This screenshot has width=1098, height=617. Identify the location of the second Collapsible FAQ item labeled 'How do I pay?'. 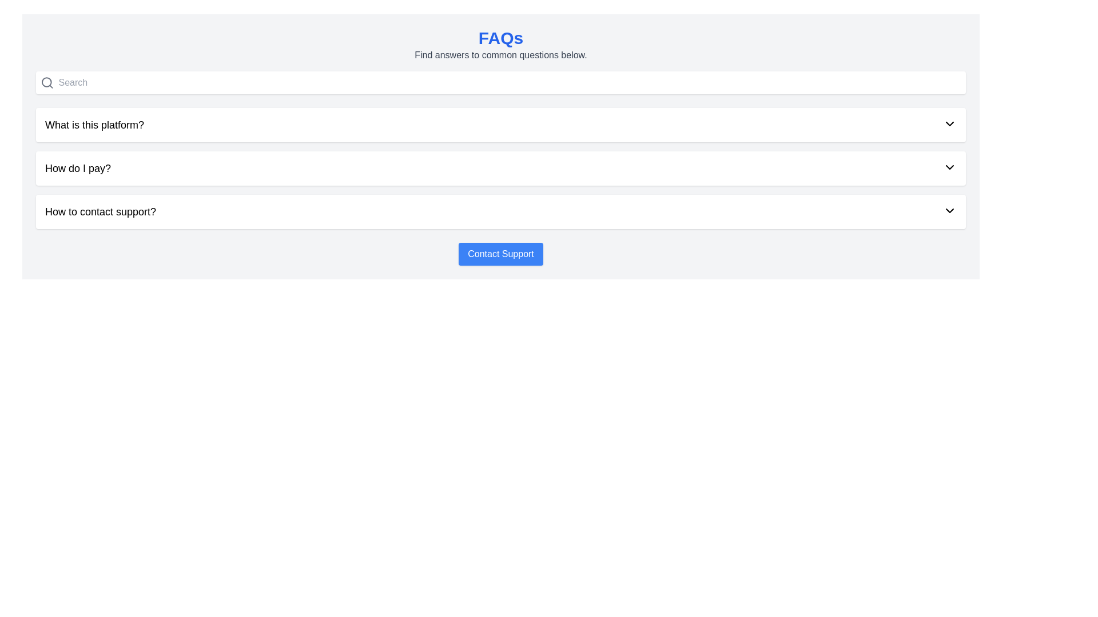
(500, 168).